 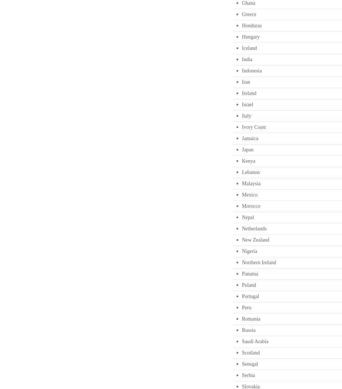 What do you see at coordinates (254, 229) in the screenshot?
I see `'Netherlands'` at bounding box center [254, 229].